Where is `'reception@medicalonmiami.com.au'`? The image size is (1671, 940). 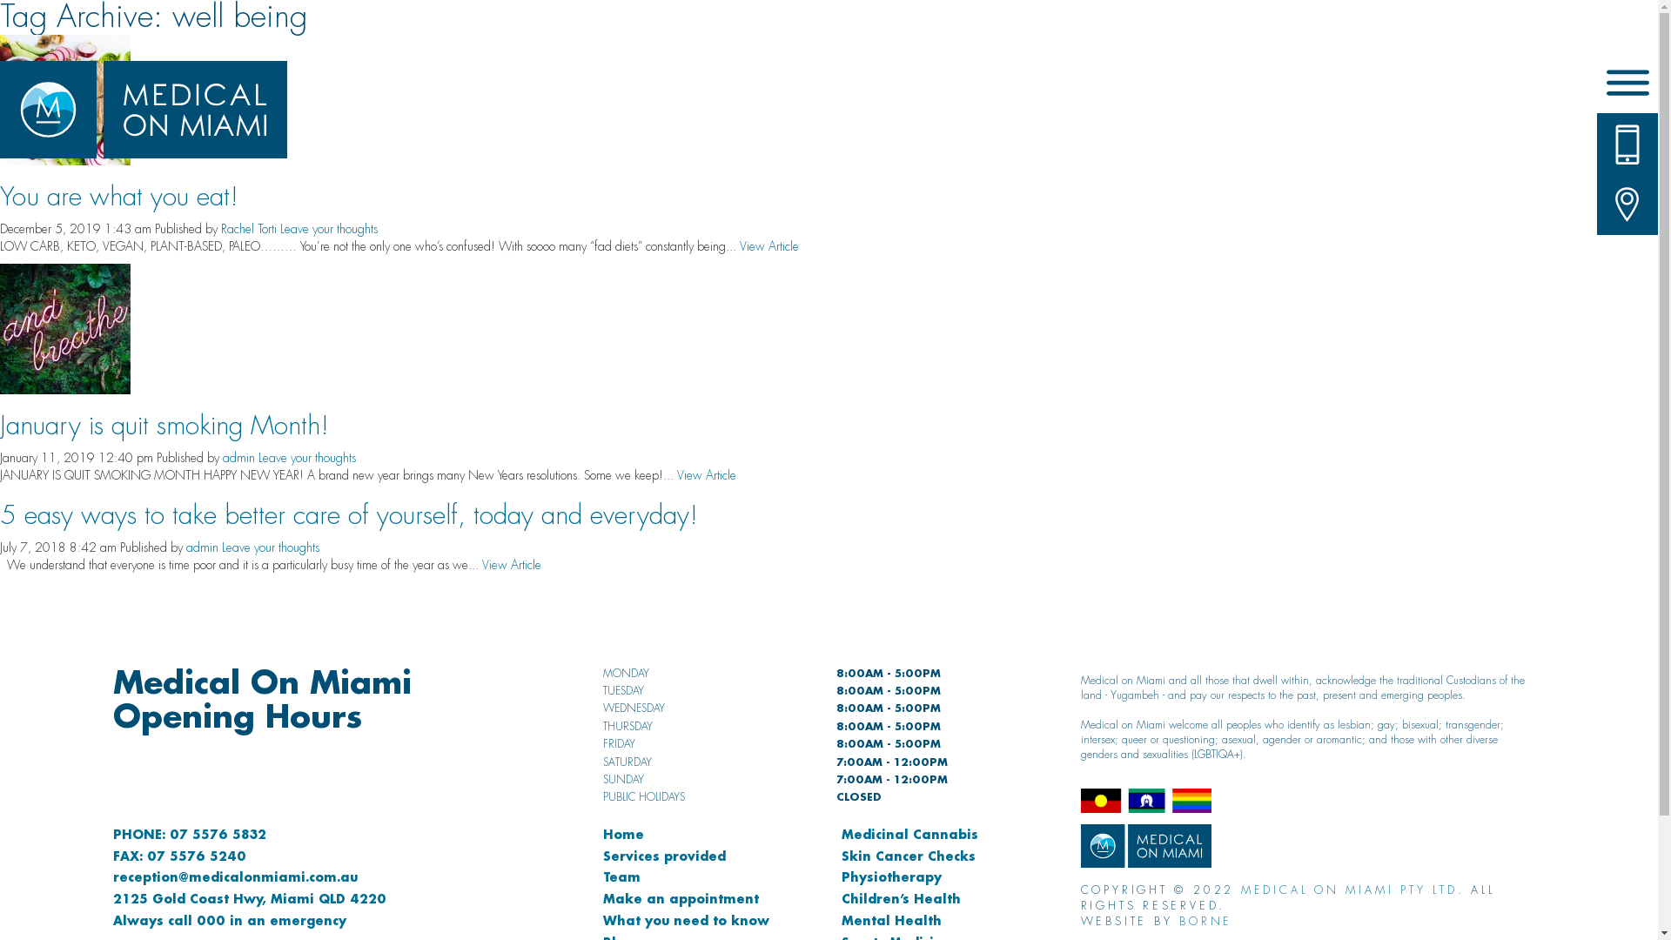
'reception@medicalonmiami.com.au' is located at coordinates (111, 876).